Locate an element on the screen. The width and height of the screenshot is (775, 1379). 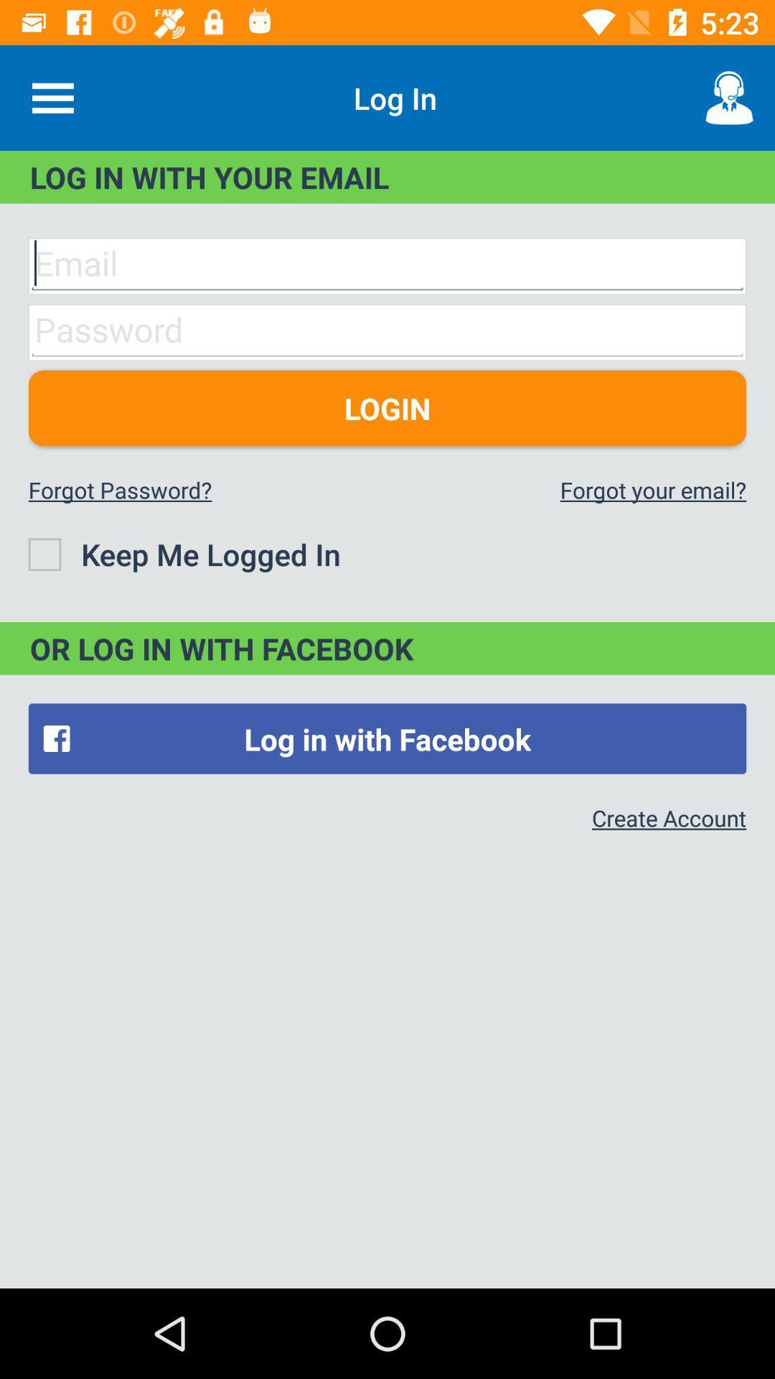
the icon above the or log in icon is located at coordinates (184, 553).